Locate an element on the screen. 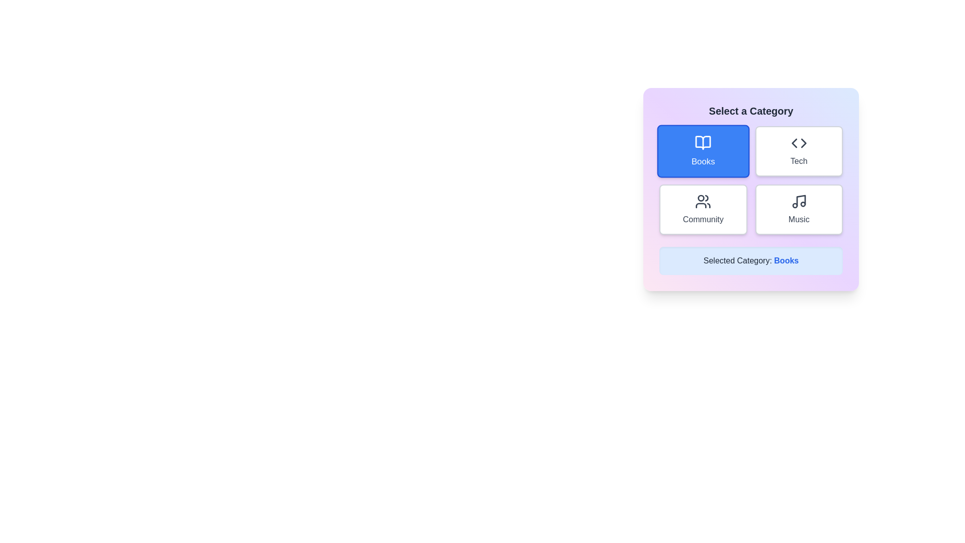 This screenshot has width=965, height=543. the 'Tech' category button to select it is located at coordinates (798, 151).